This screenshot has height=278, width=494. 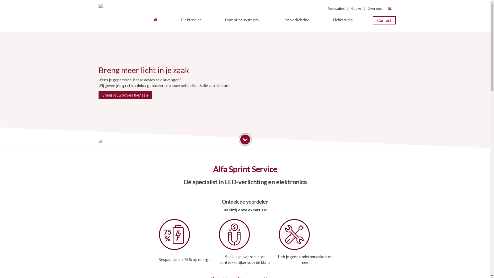 What do you see at coordinates (343, 20) in the screenshot?
I see `'Lichtstudie'` at bounding box center [343, 20].